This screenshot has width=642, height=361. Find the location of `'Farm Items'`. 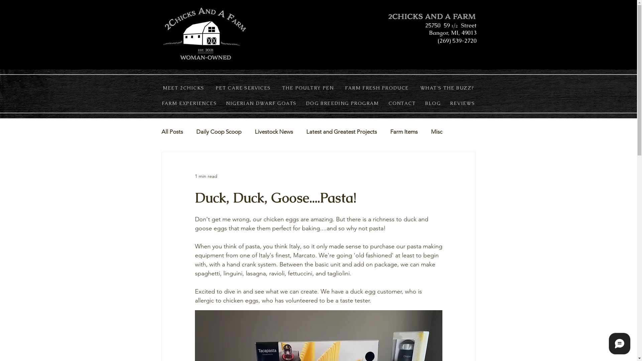

'Farm Items' is located at coordinates (403, 131).